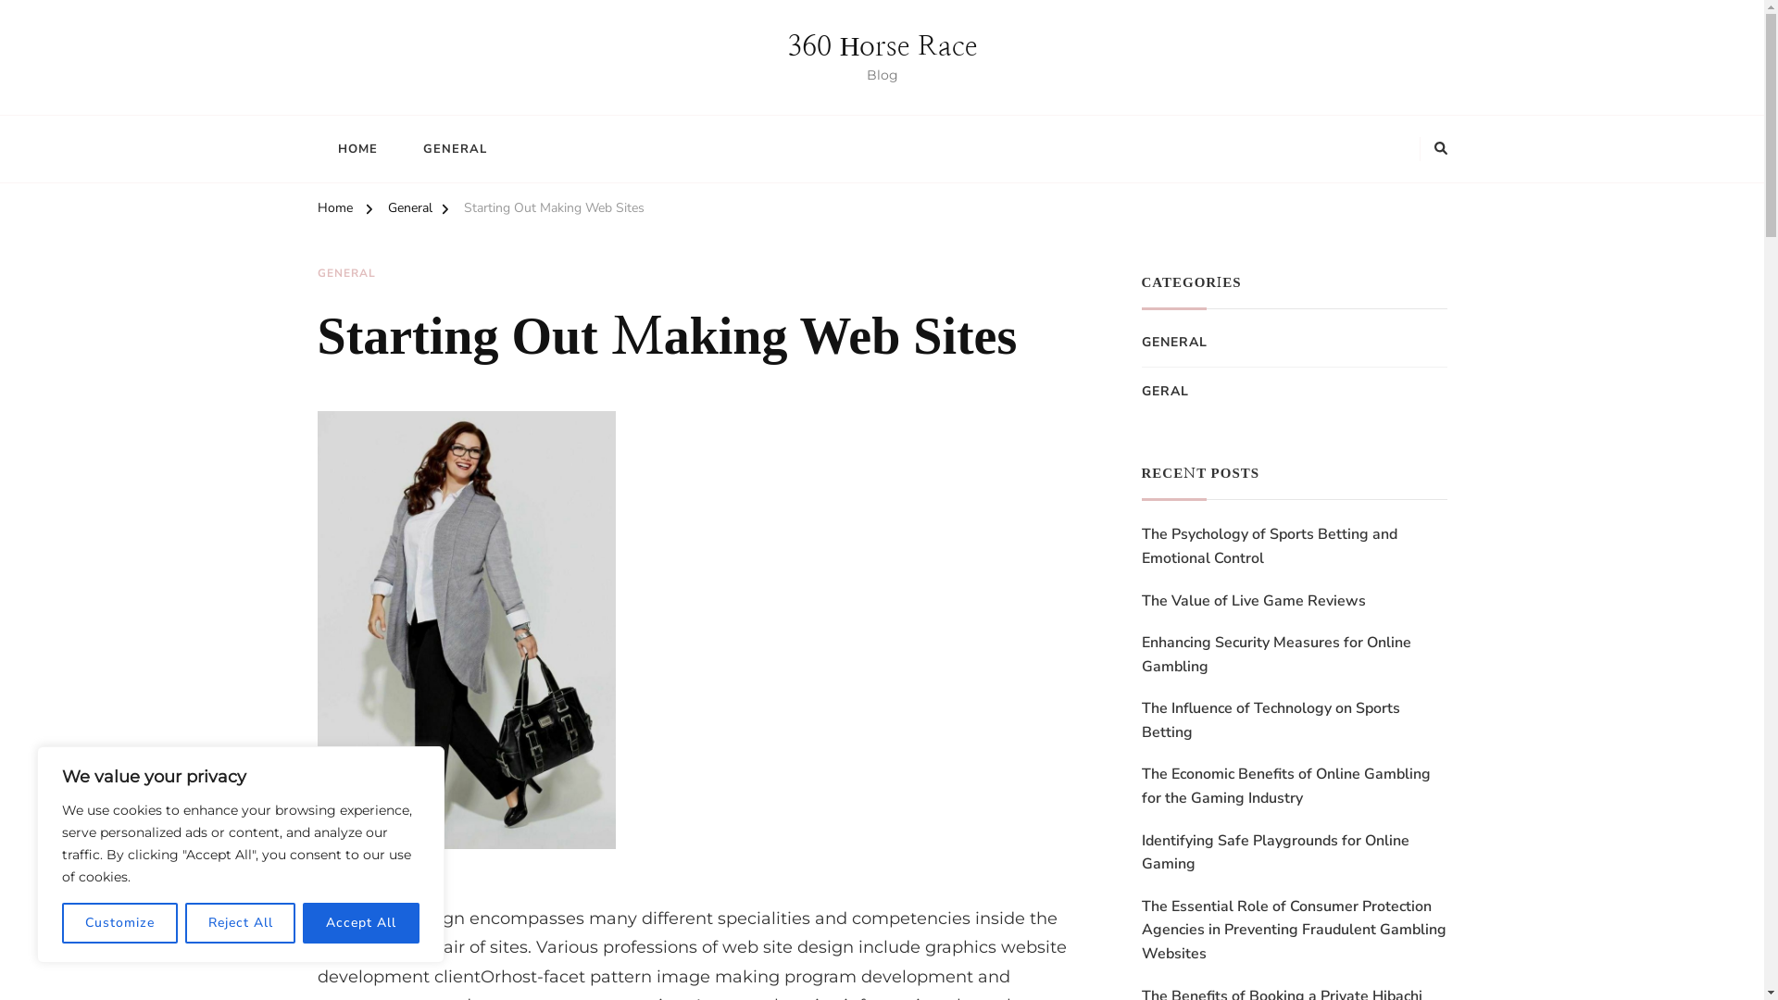  What do you see at coordinates (239, 922) in the screenshot?
I see `'Reject All'` at bounding box center [239, 922].